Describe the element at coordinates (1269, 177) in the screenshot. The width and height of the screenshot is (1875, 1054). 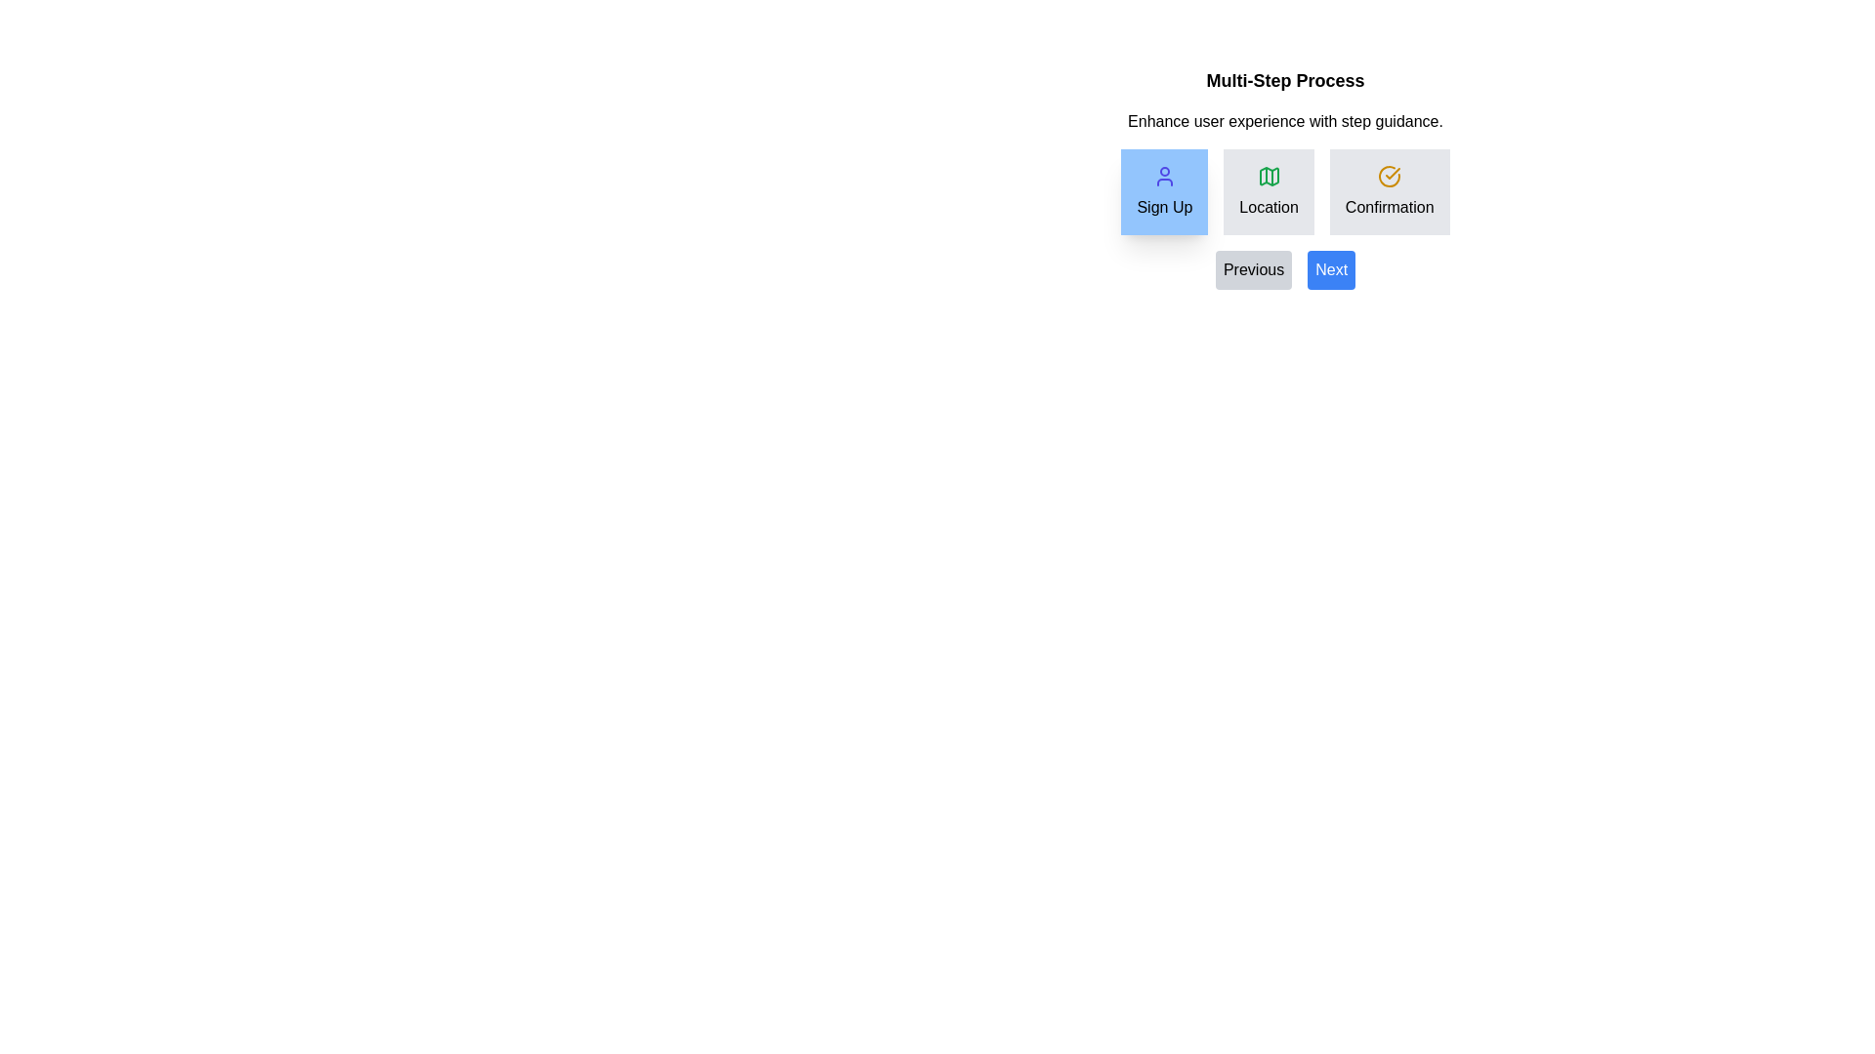
I see `the Location button which contains a green map-like icon, positioned between the Sign Up and Confirmation buttons` at that location.